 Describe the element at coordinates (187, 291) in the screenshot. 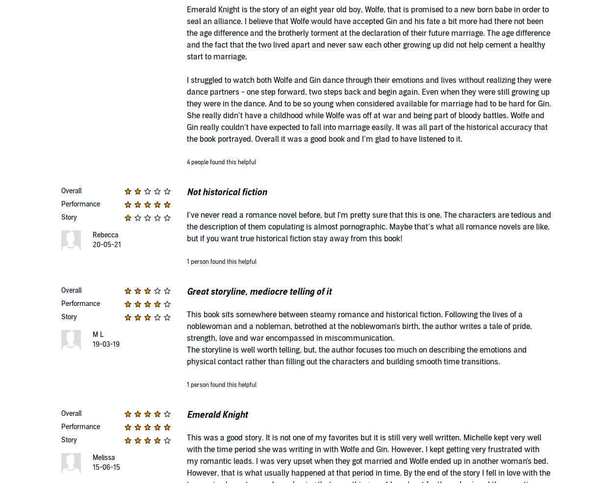

I see `'Great storyline, mediocre telling of it'` at that location.